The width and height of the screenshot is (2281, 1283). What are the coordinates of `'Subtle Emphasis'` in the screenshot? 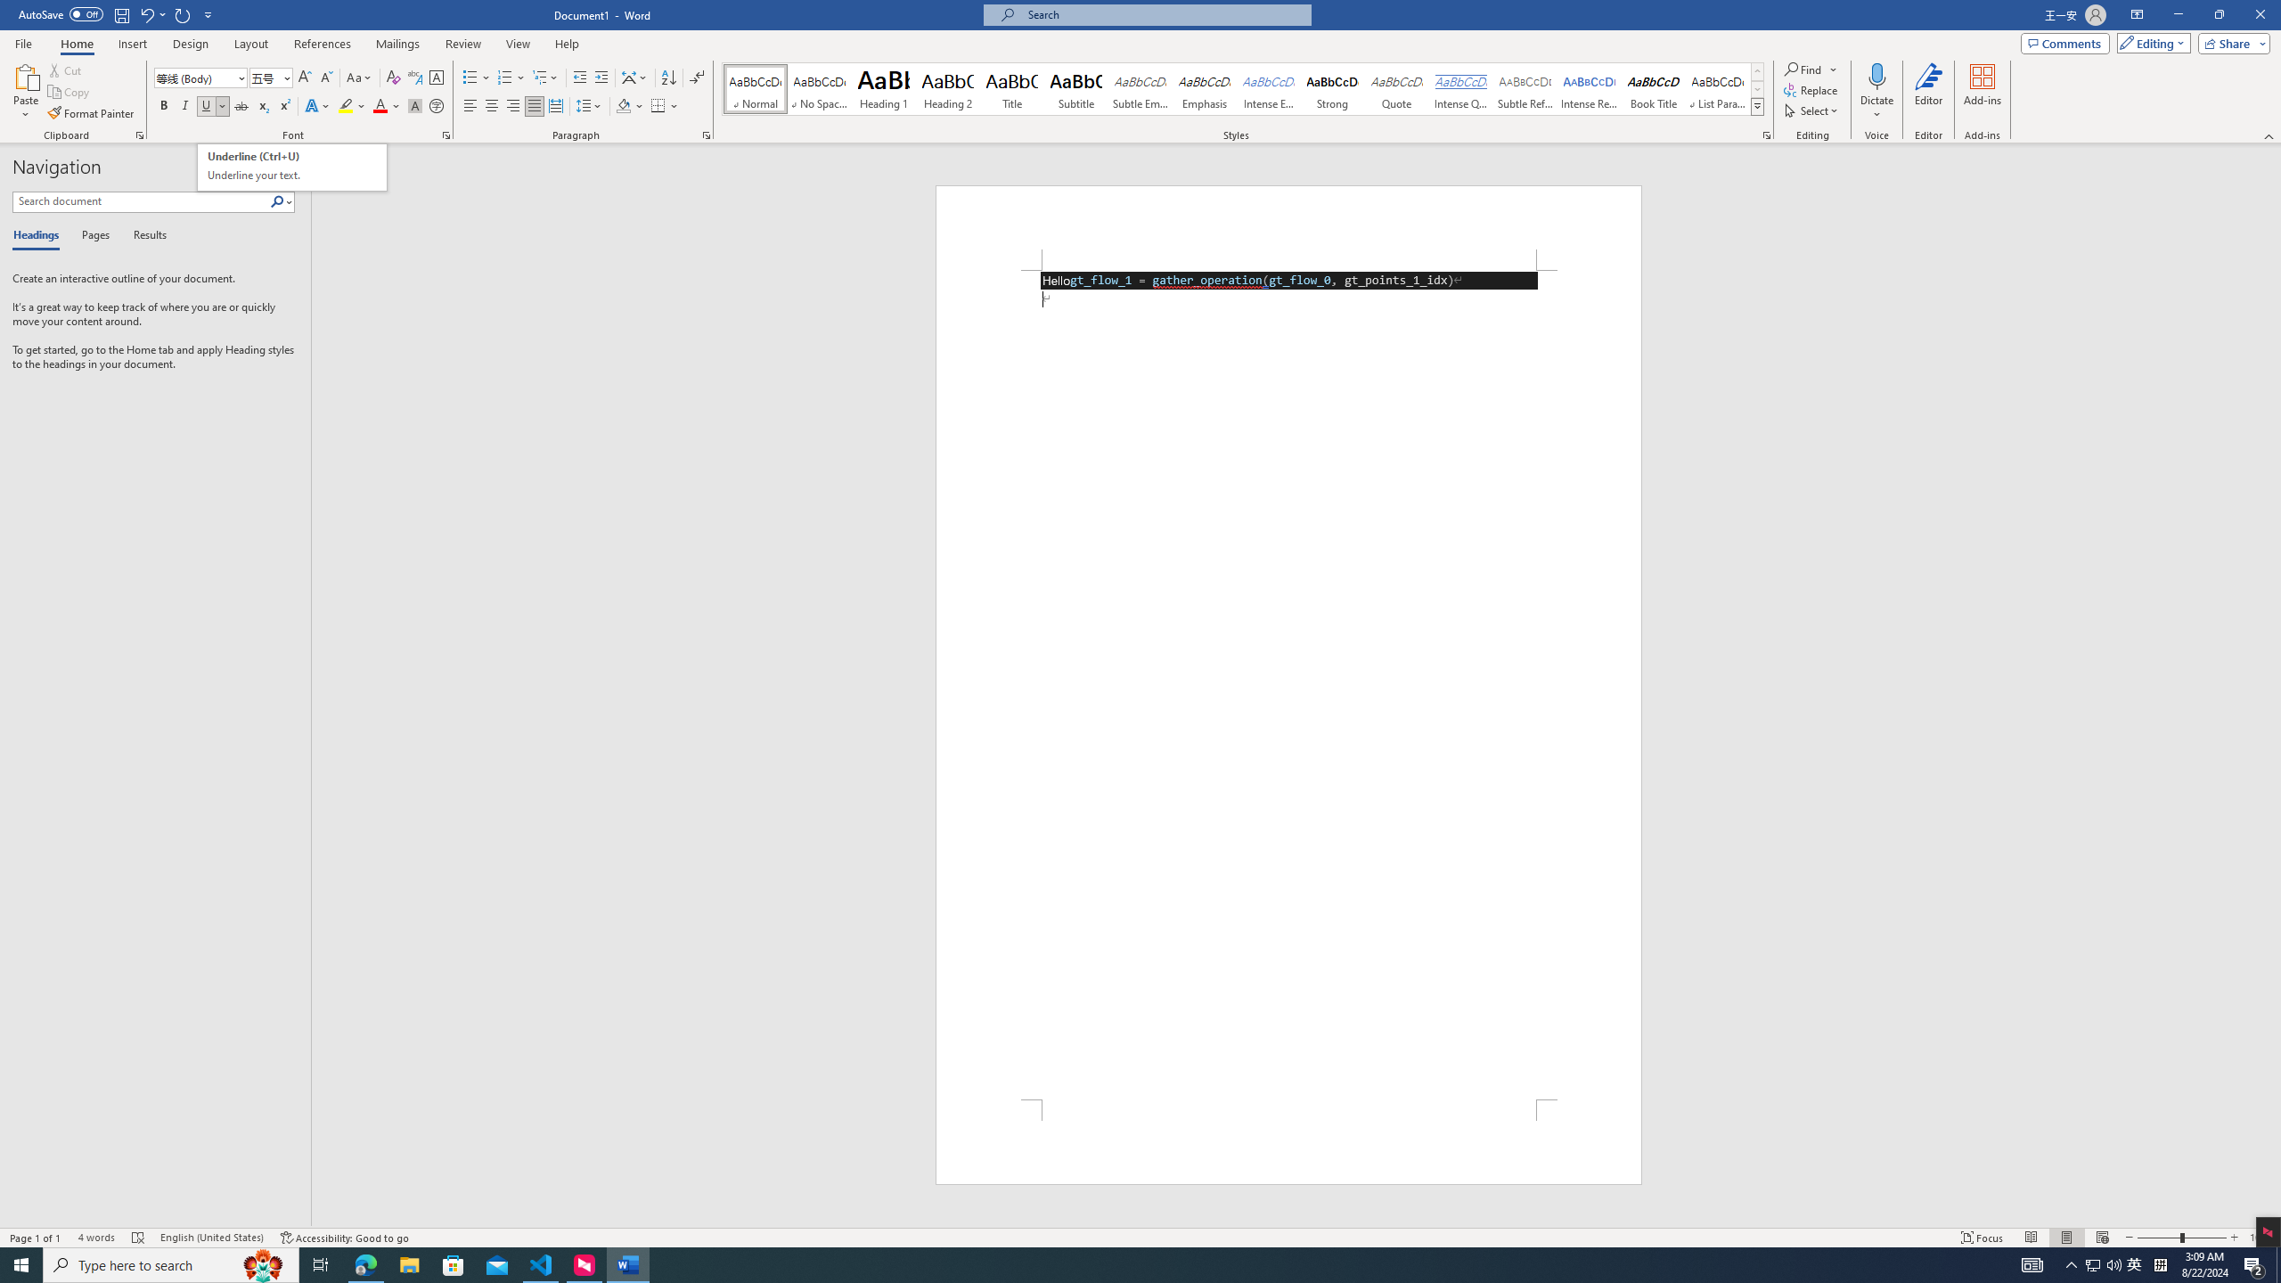 It's located at (1140, 88).